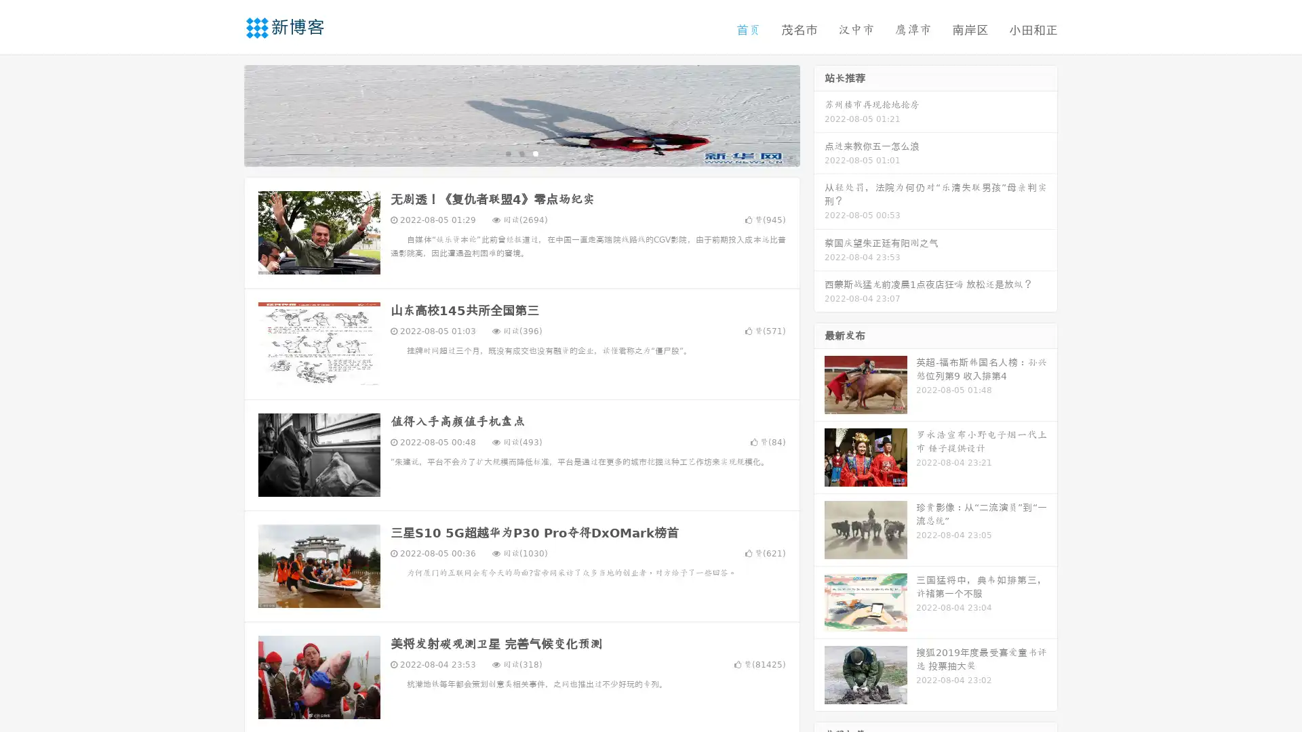 Image resolution: width=1302 pixels, height=732 pixels. What do you see at coordinates (819, 114) in the screenshot?
I see `Next slide` at bounding box center [819, 114].